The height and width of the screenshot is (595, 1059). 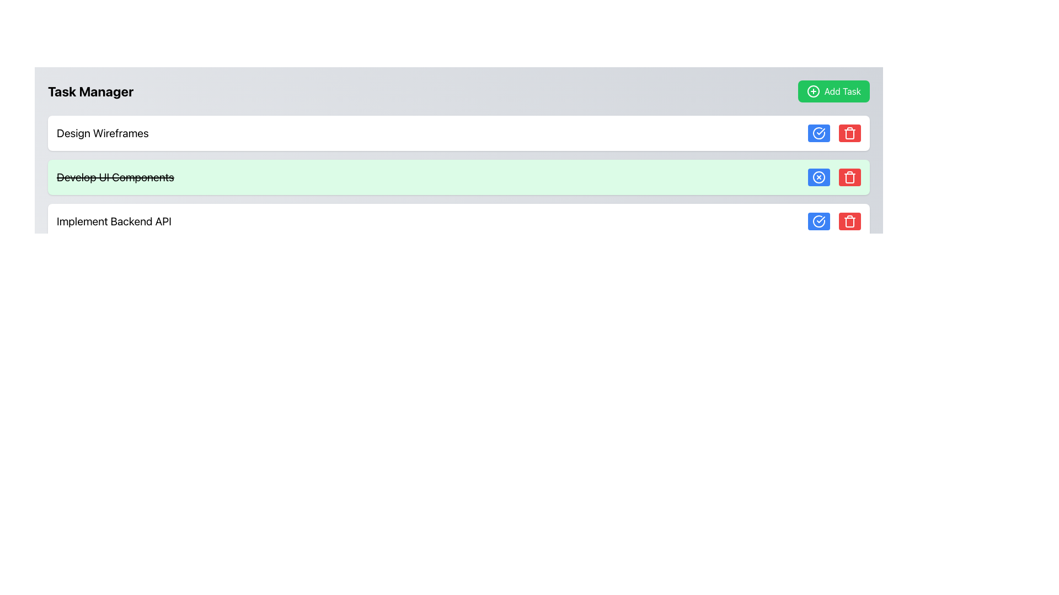 I want to click on the trash icon button with a red background located on the rightmost side of the second task row labeled 'Develop UI Components', so click(x=849, y=176).